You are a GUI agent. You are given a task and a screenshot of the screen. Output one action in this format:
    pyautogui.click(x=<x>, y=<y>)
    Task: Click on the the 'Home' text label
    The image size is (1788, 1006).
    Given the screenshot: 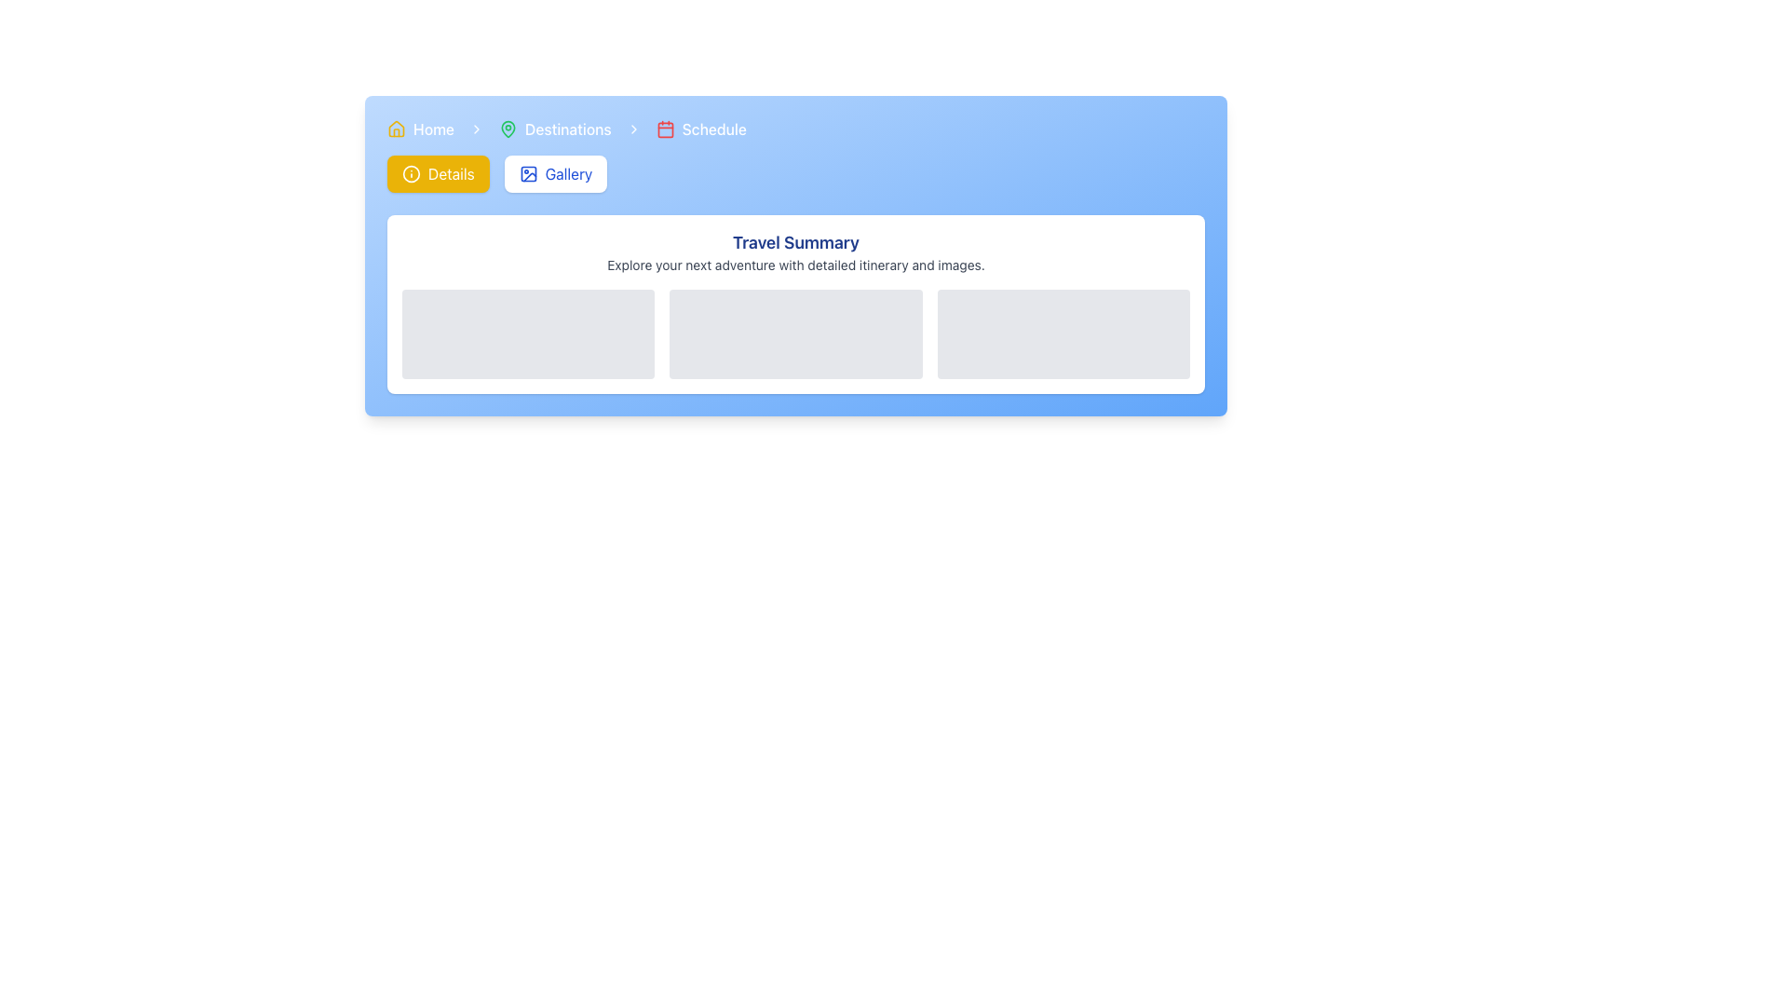 What is the action you would take?
    pyautogui.click(x=432, y=128)
    